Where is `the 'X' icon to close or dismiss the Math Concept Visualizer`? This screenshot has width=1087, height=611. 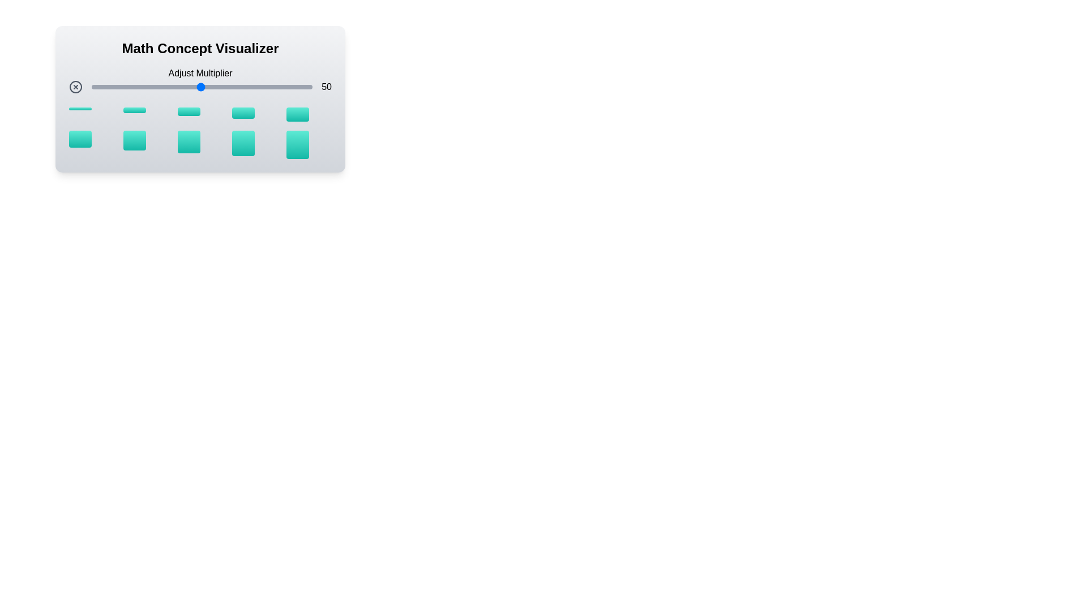 the 'X' icon to close or dismiss the Math Concept Visualizer is located at coordinates (75, 87).